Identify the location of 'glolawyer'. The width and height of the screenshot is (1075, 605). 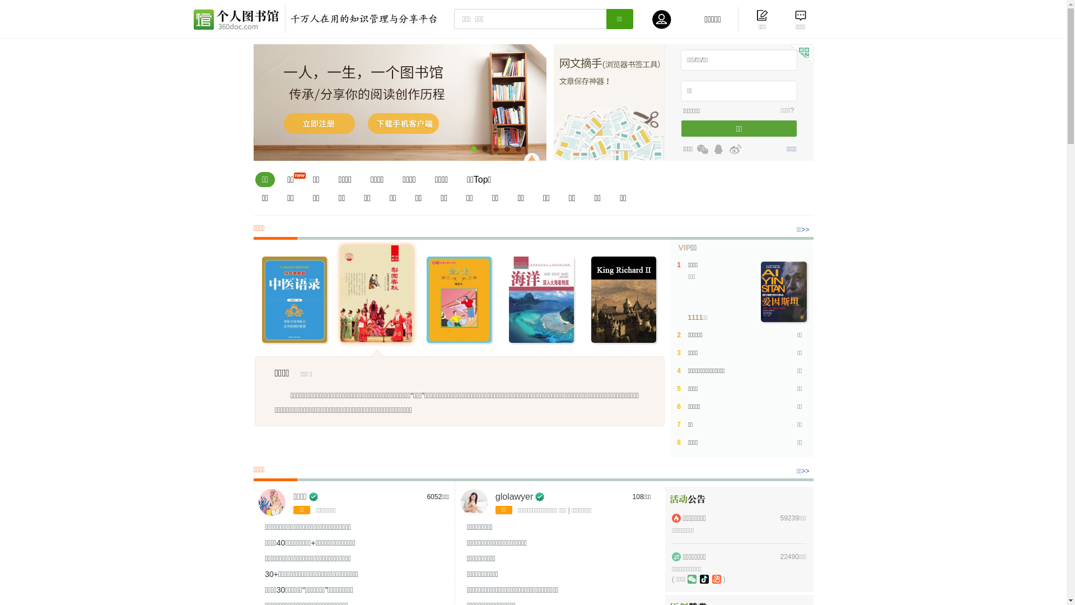
(513, 496).